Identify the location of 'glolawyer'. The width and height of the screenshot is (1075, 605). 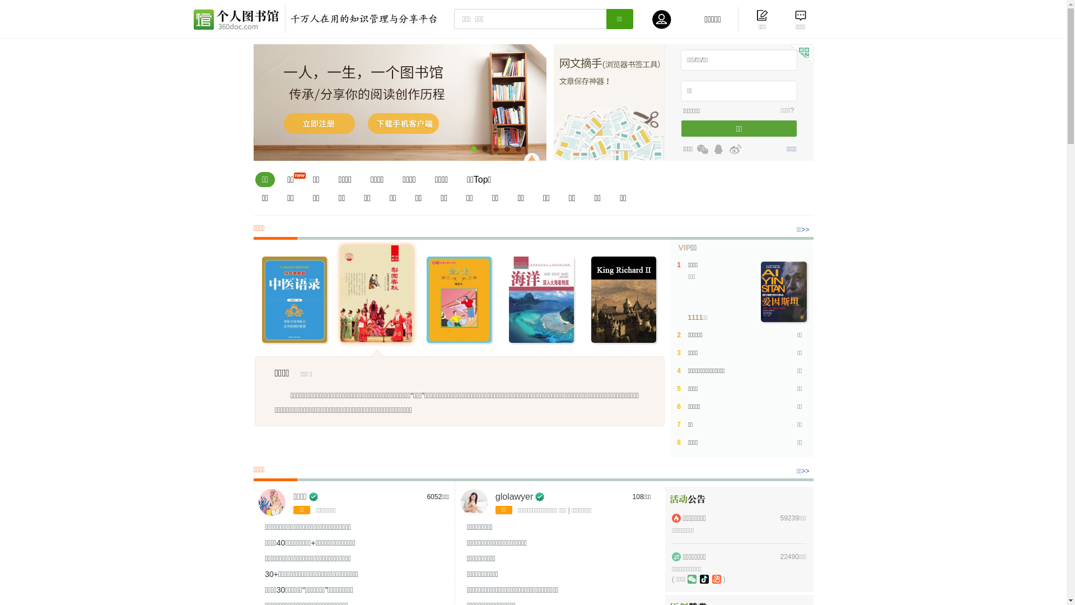
(513, 496).